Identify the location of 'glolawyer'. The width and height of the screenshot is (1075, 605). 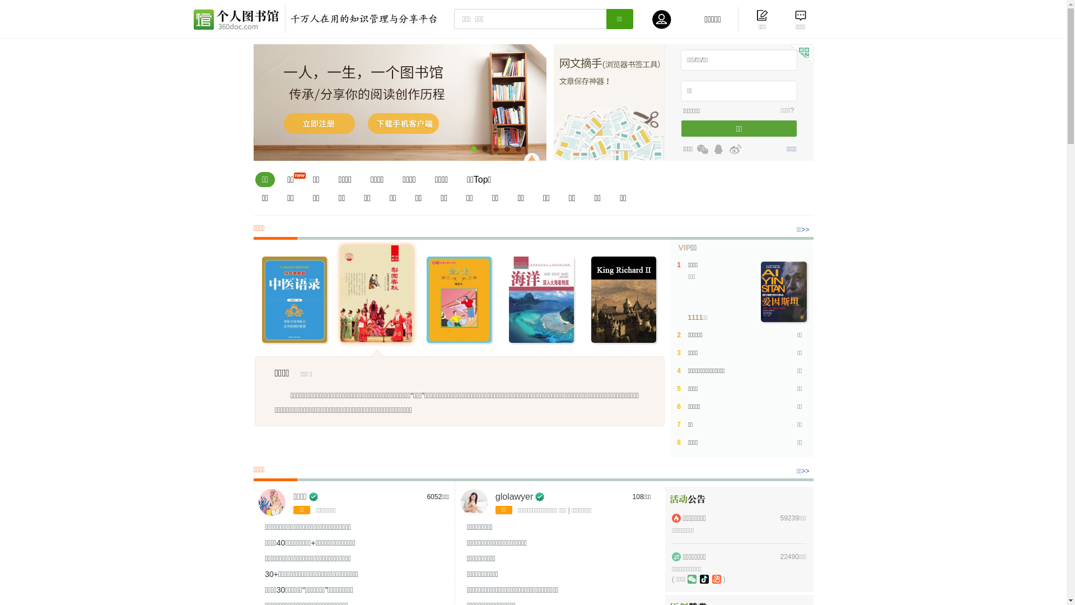
(513, 496).